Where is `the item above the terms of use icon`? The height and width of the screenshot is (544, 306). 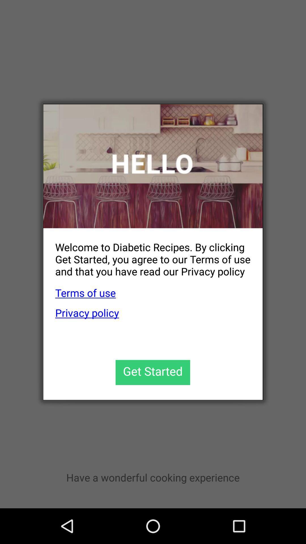 the item above the terms of use icon is located at coordinates (147, 254).